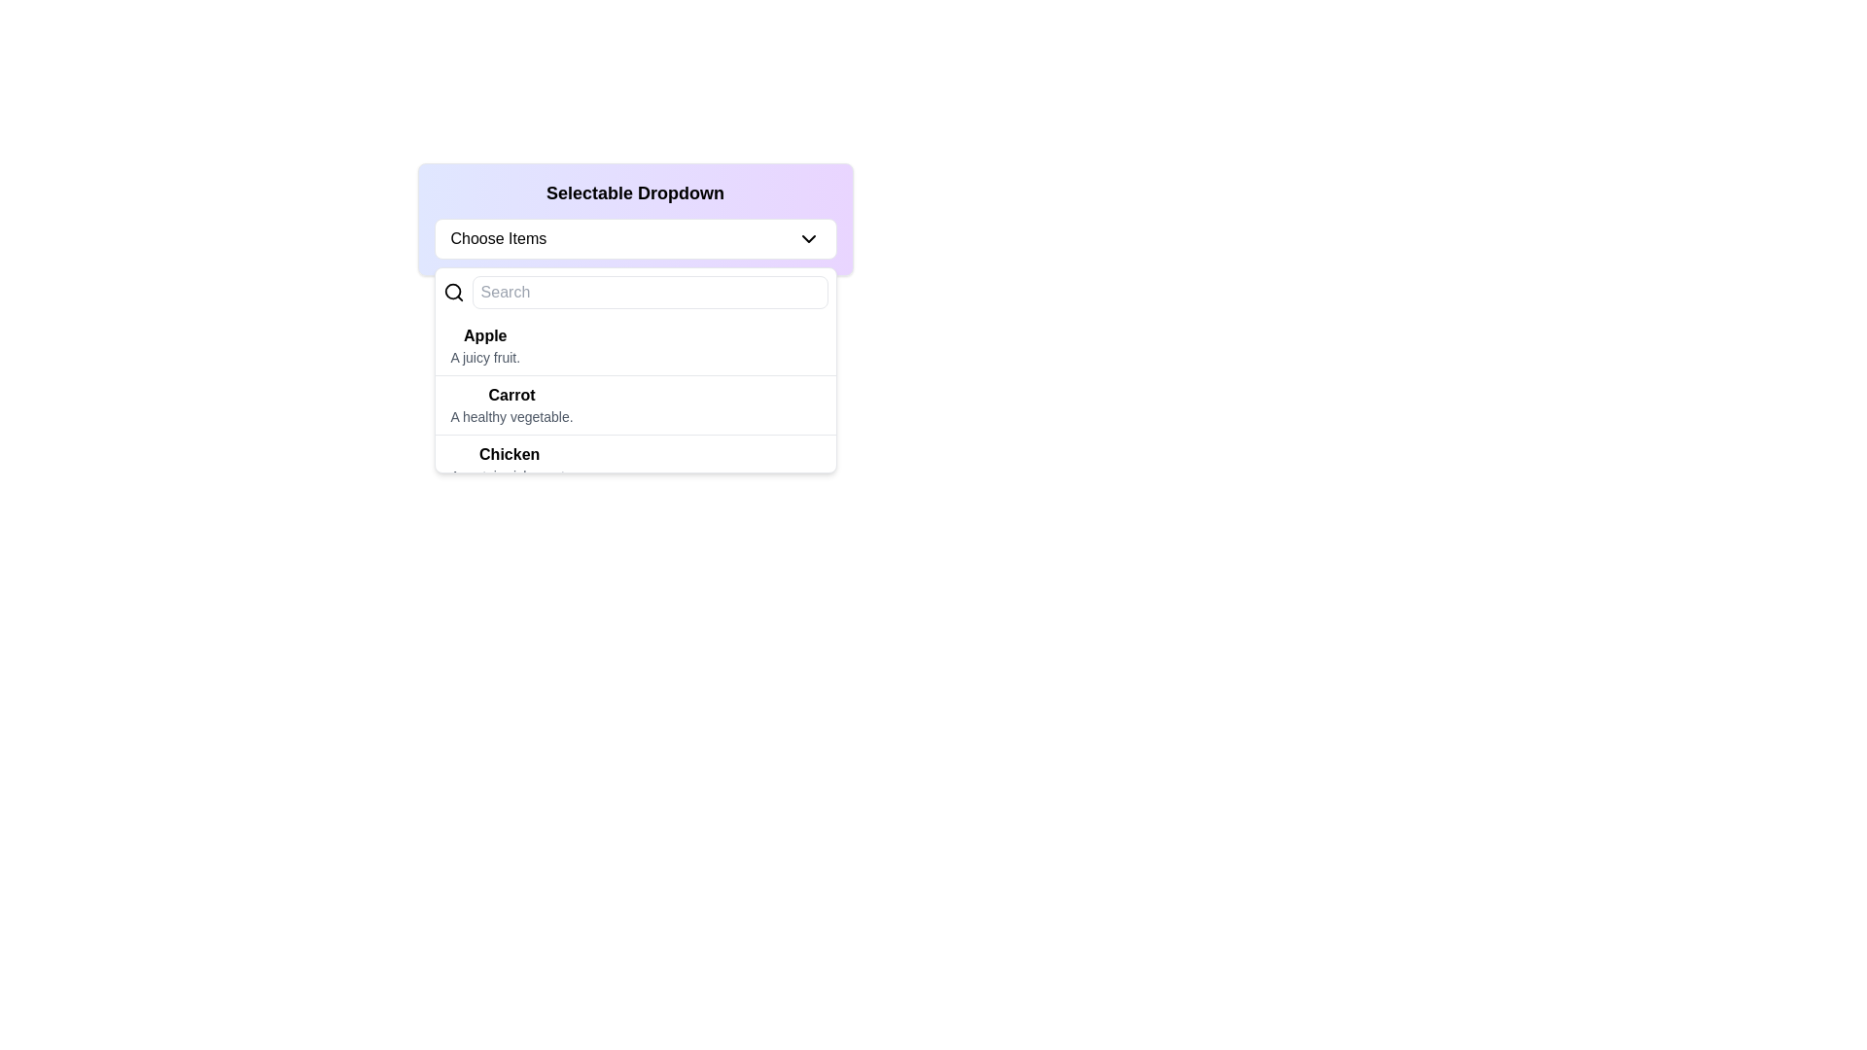 The image size is (1867, 1050). I want to click on the selectable item 'Carrot' in the dropdown menu, so click(511, 403).